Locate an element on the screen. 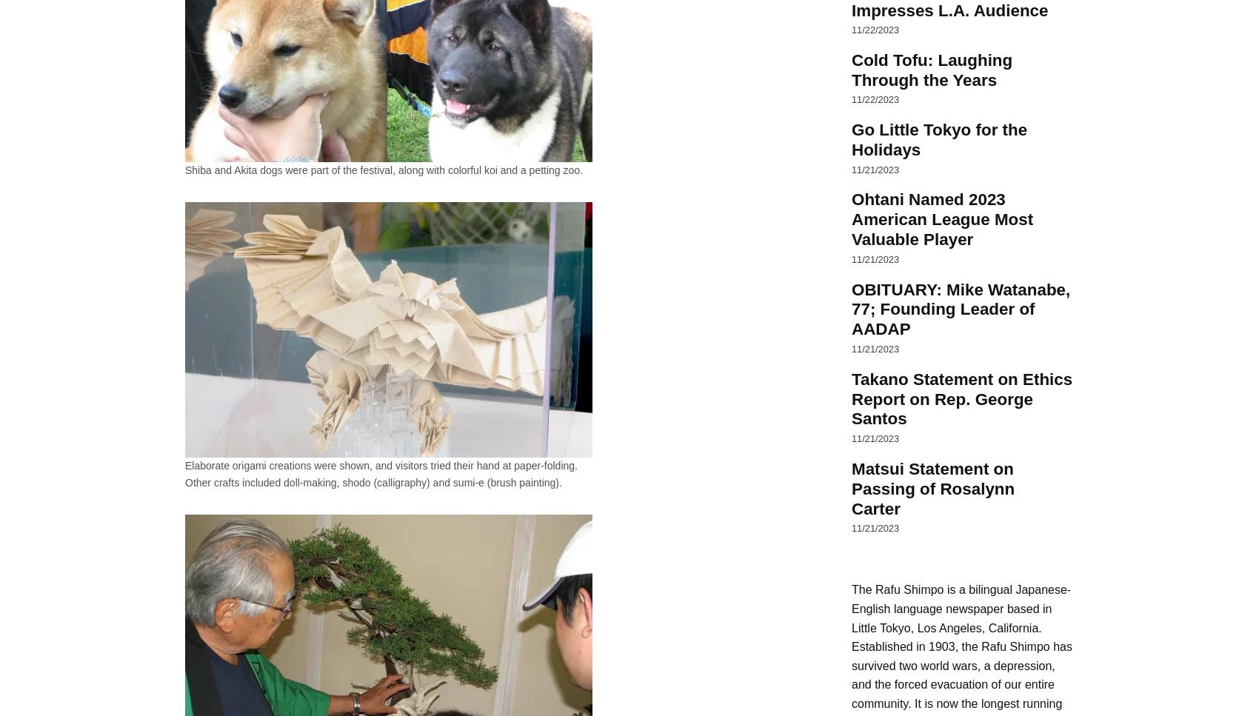 The image size is (1259, 716). 'Takano Statement on Ethics Report on Rep. George Santos' is located at coordinates (852, 398).